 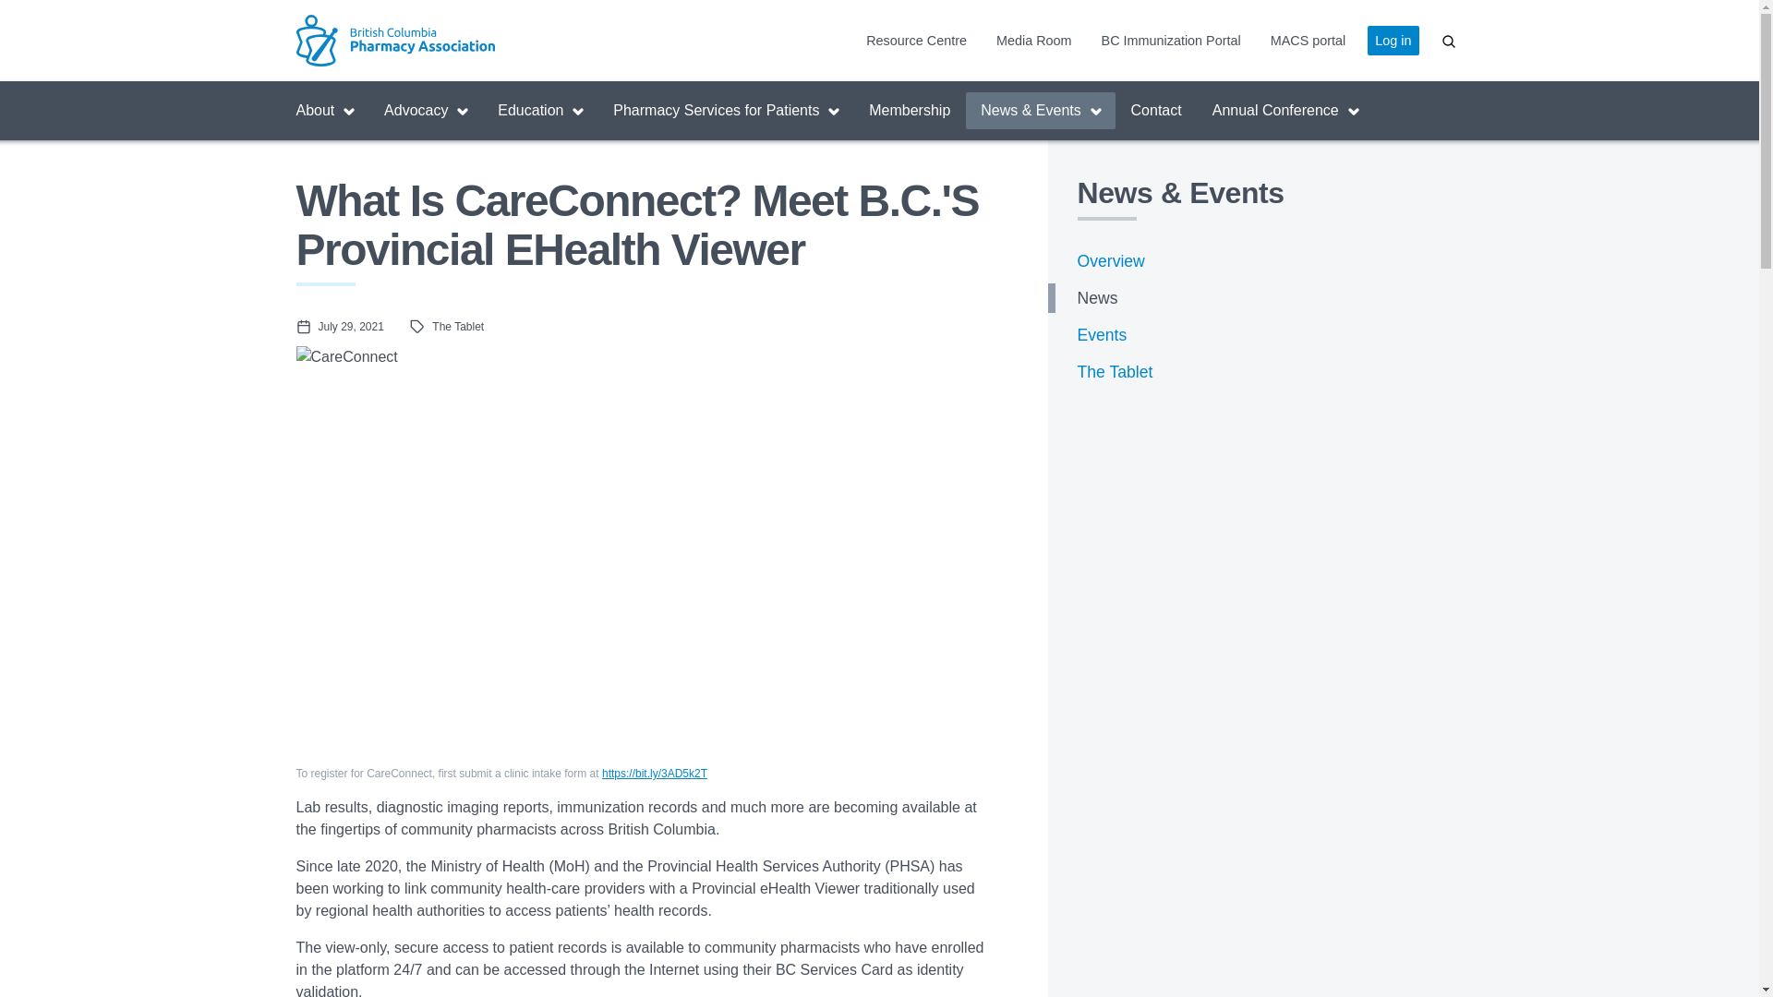 I want to click on 'https://bit.ly/3AD5k2T', so click(x=602, y=773).